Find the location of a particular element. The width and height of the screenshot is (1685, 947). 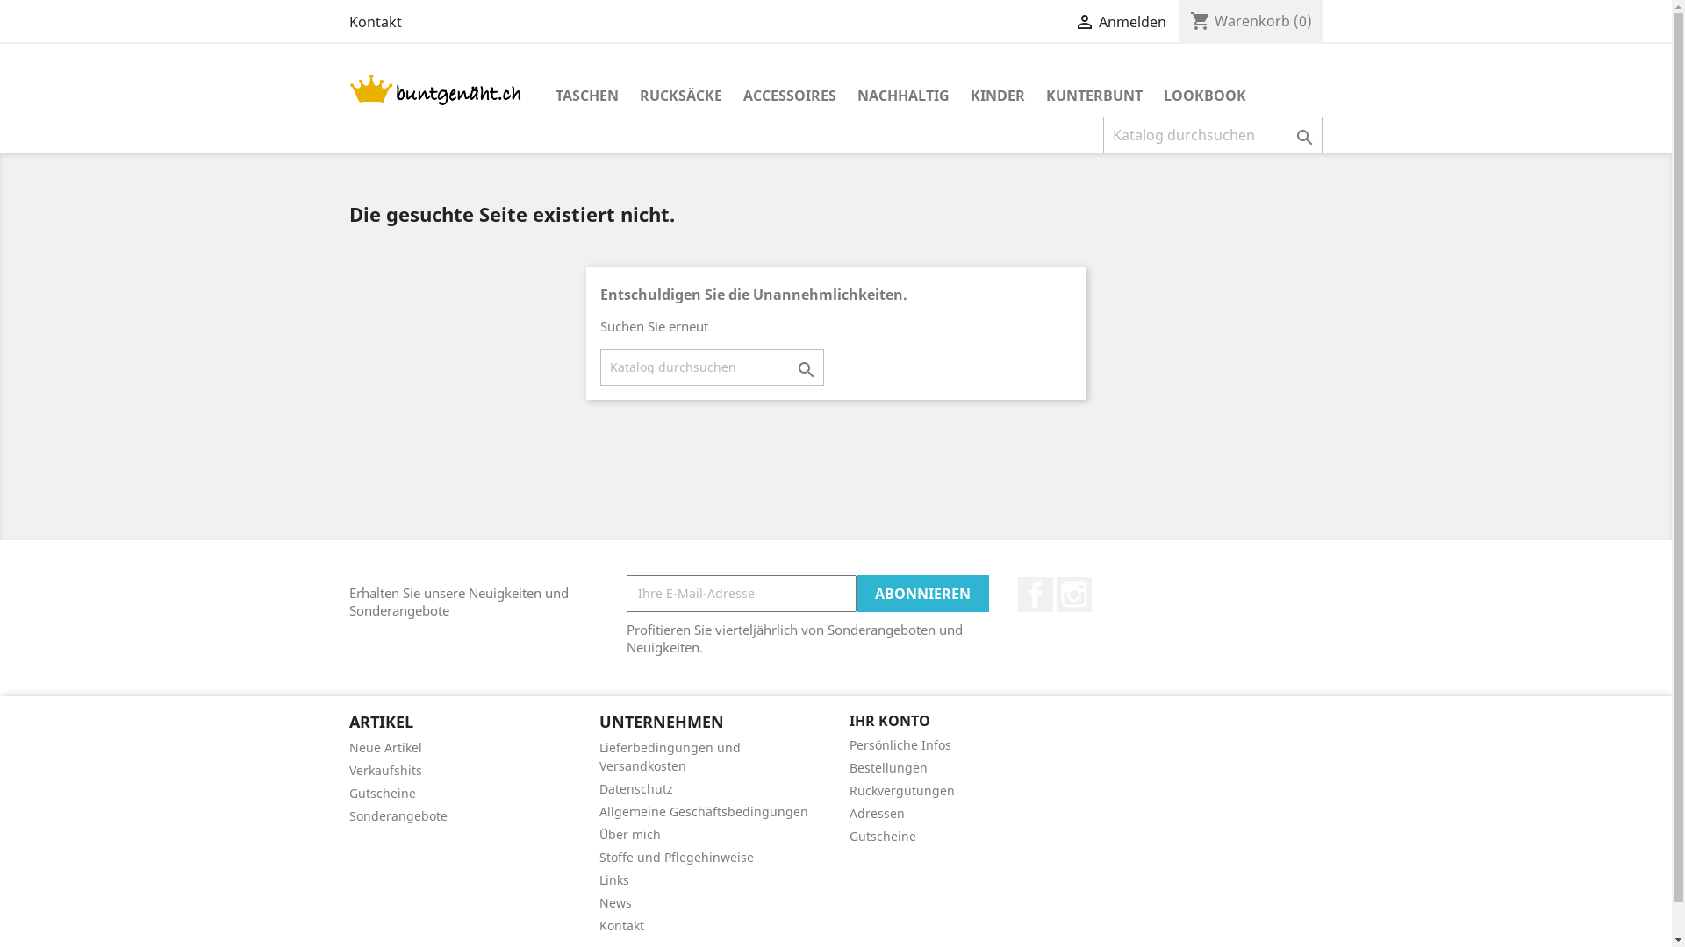

'Abonnieren' is located at coordinates (921, 593).